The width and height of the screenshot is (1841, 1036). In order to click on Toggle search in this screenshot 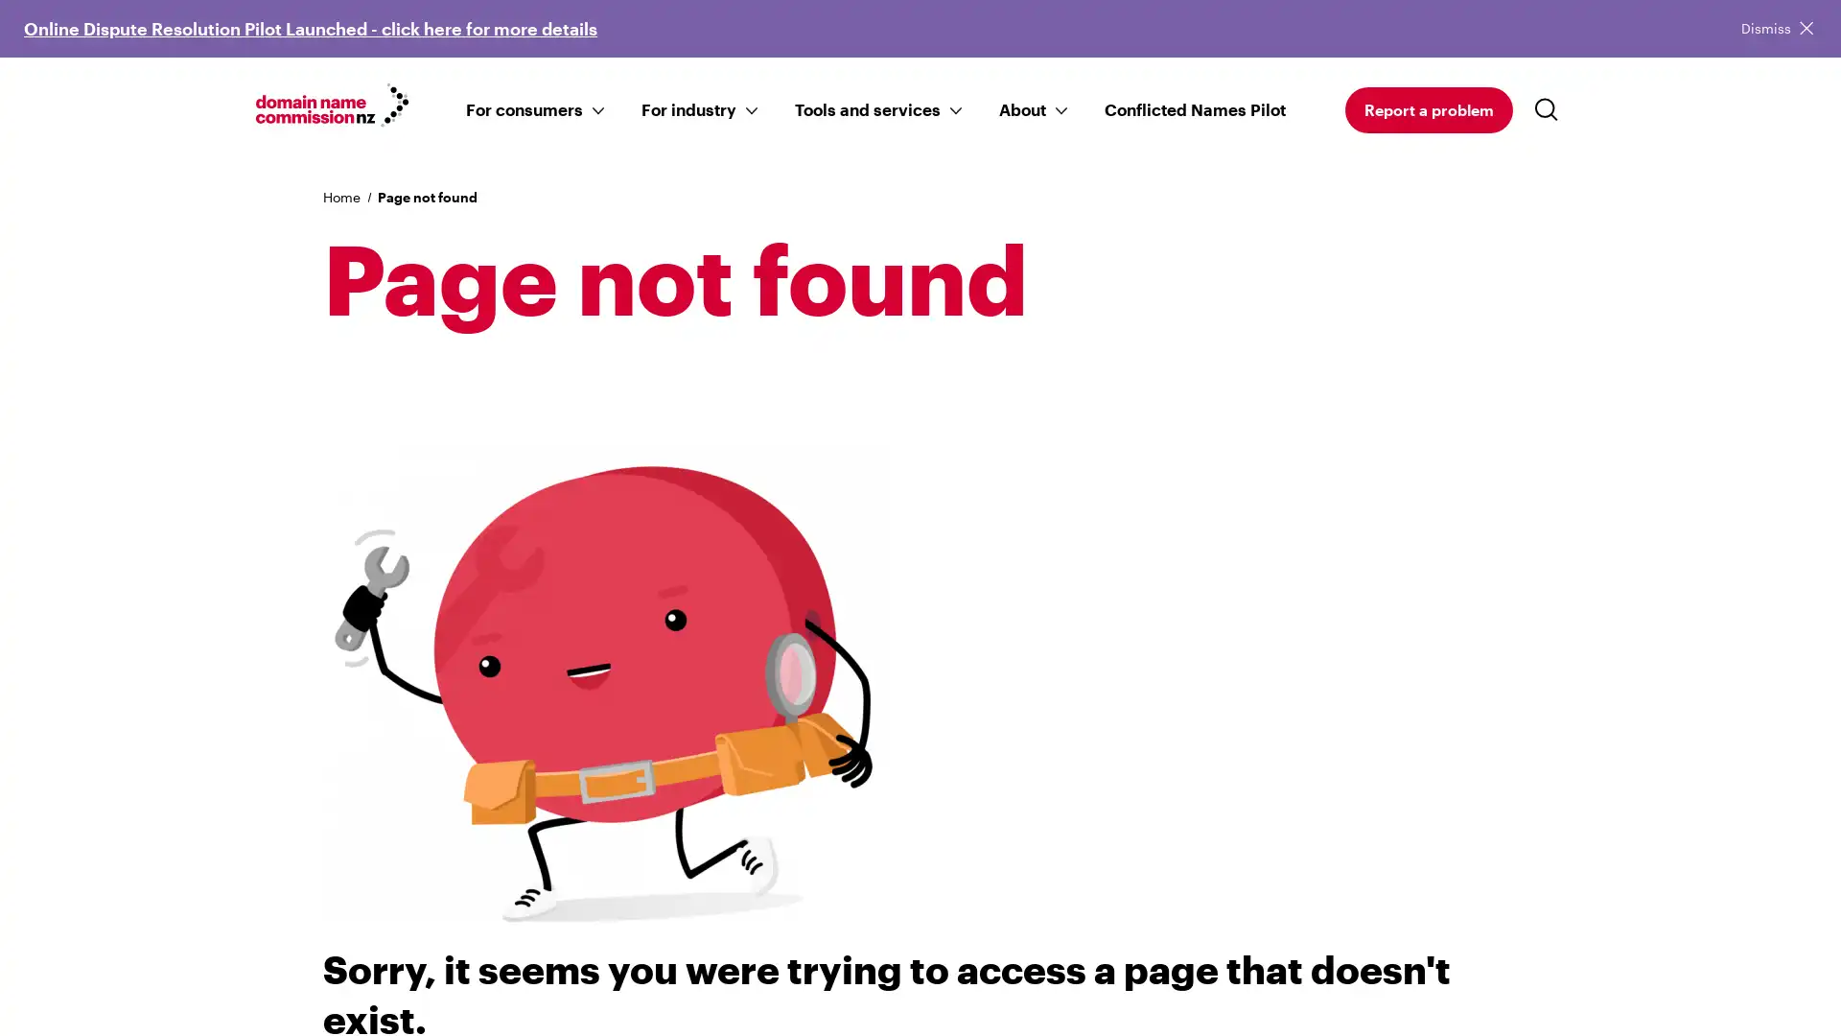, I will do `click(1550, 109)`.